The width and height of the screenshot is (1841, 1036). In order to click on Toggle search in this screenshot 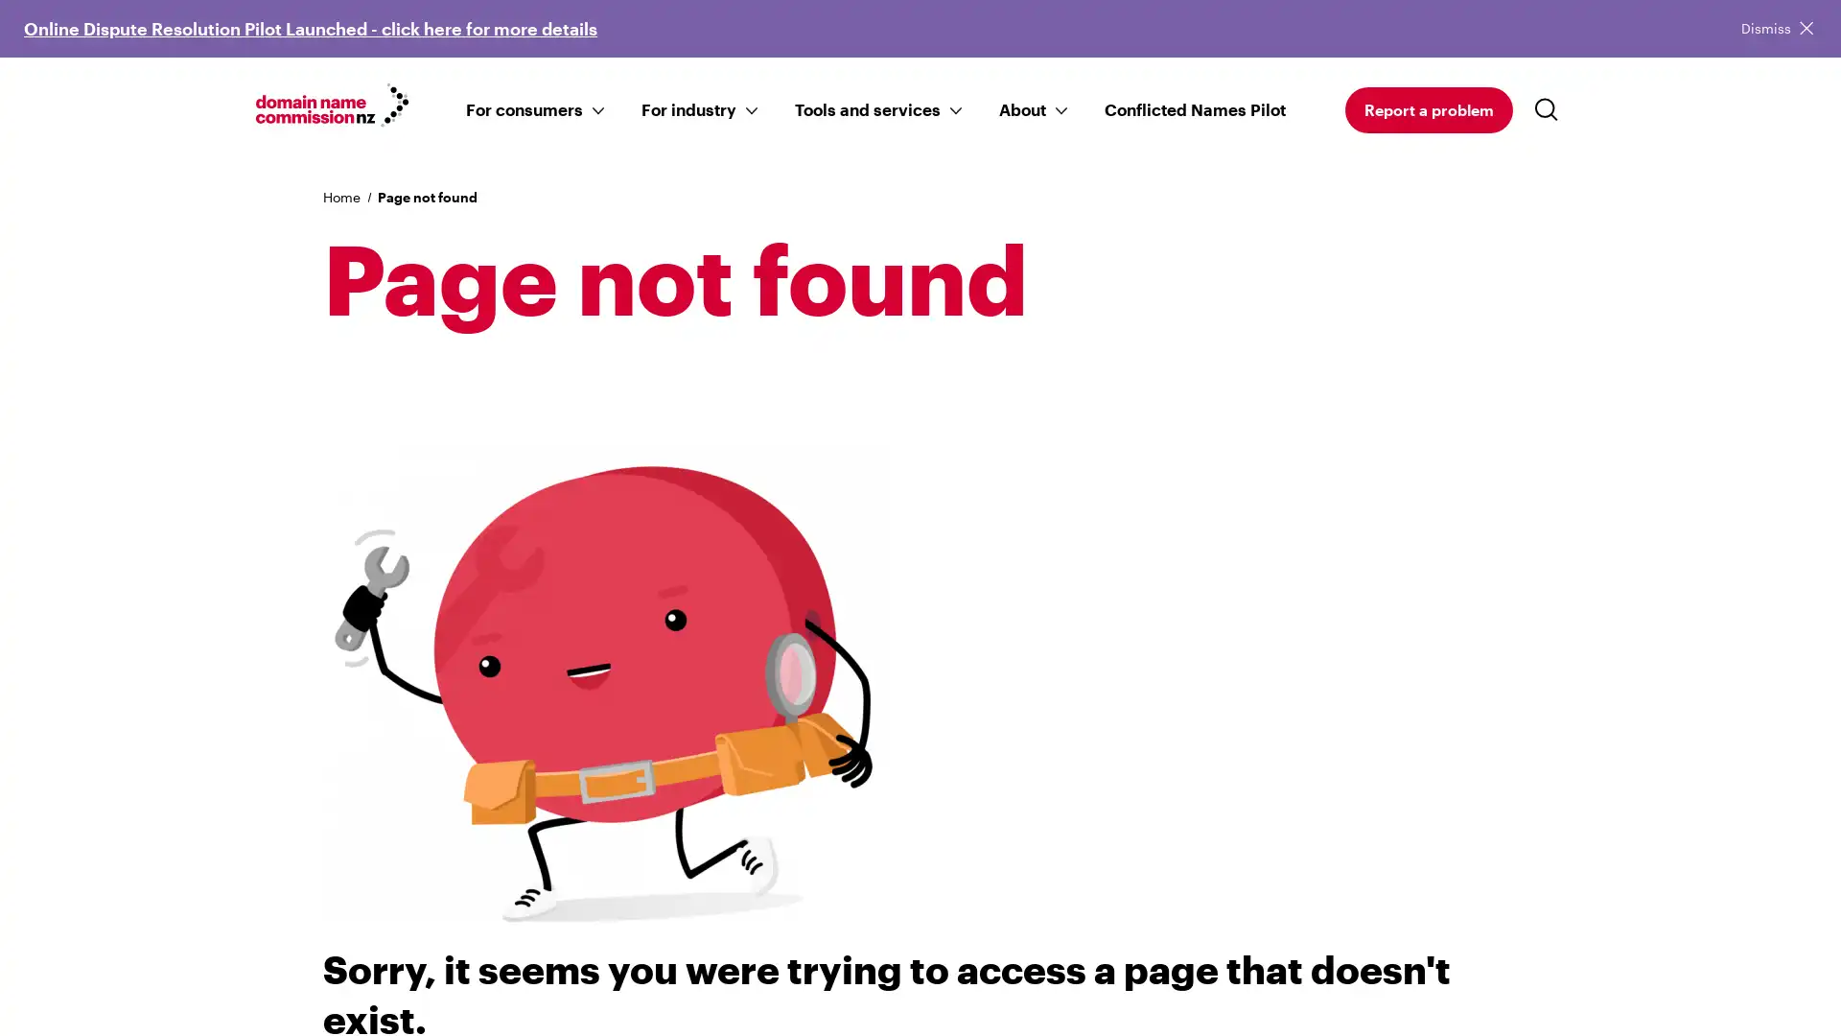, I will do `click(1550, 109)`.